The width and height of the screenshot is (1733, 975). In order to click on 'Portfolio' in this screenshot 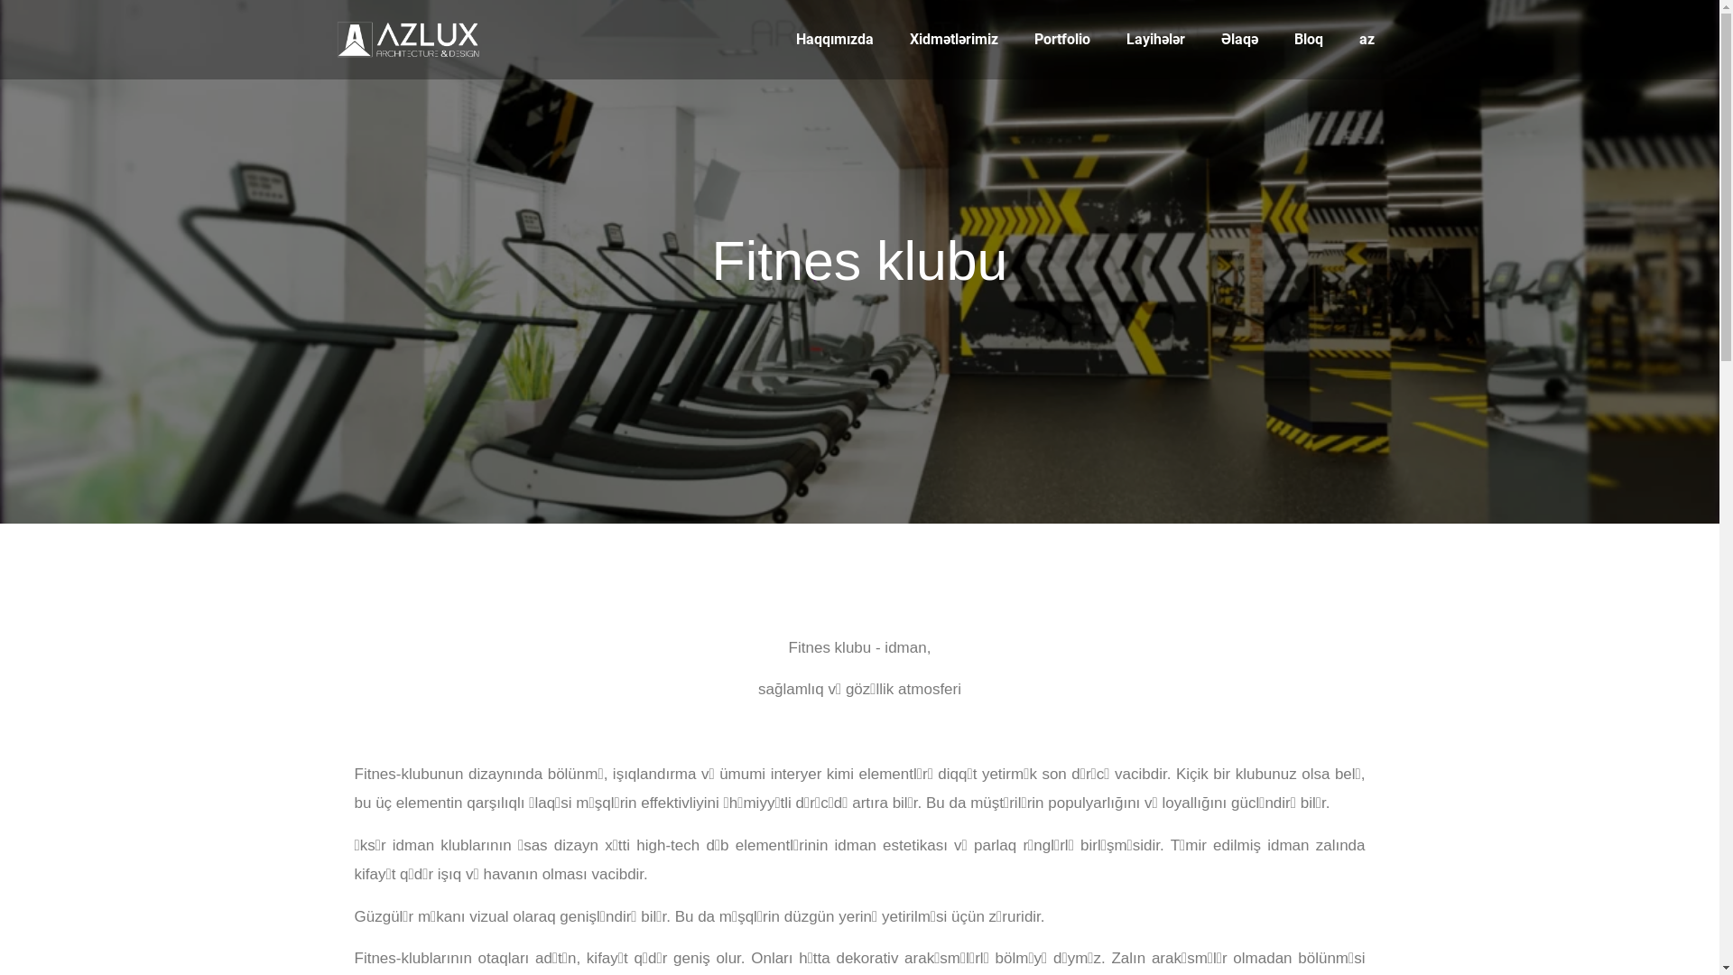, I will do `click(1061, 39)`.